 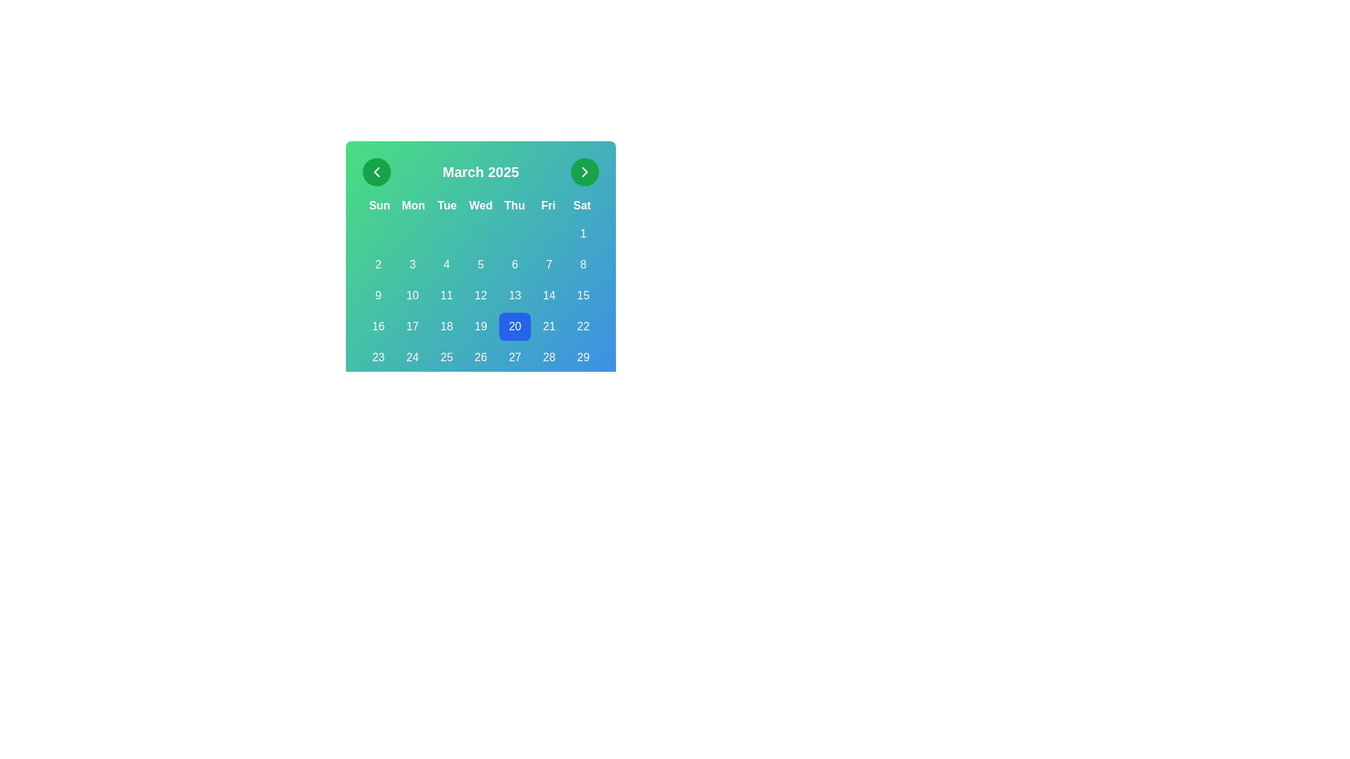 I want to click on the 'Monday' text label in the calendar's weekday header, so click(x=413, y=206).